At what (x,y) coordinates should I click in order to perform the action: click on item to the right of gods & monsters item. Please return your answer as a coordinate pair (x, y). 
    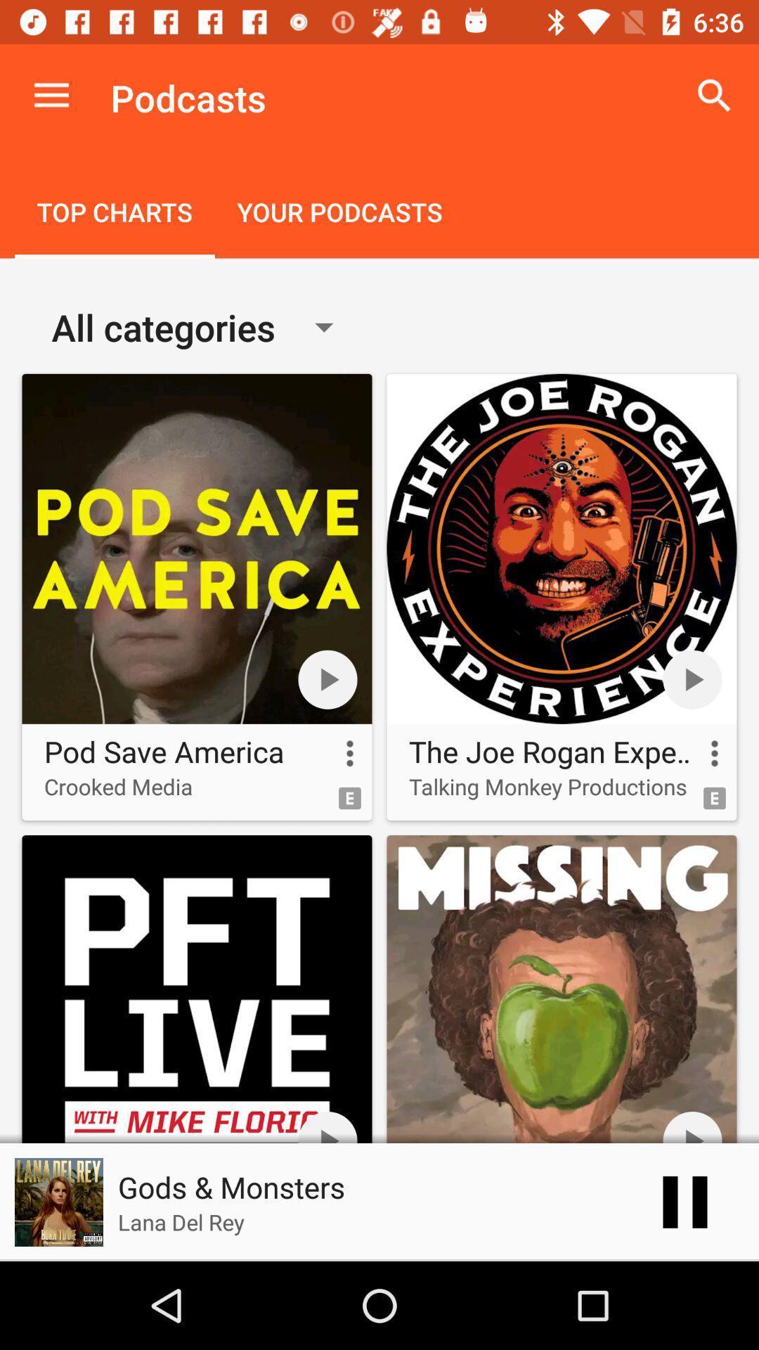
    Looking at the image, I should click on (685, 1201).